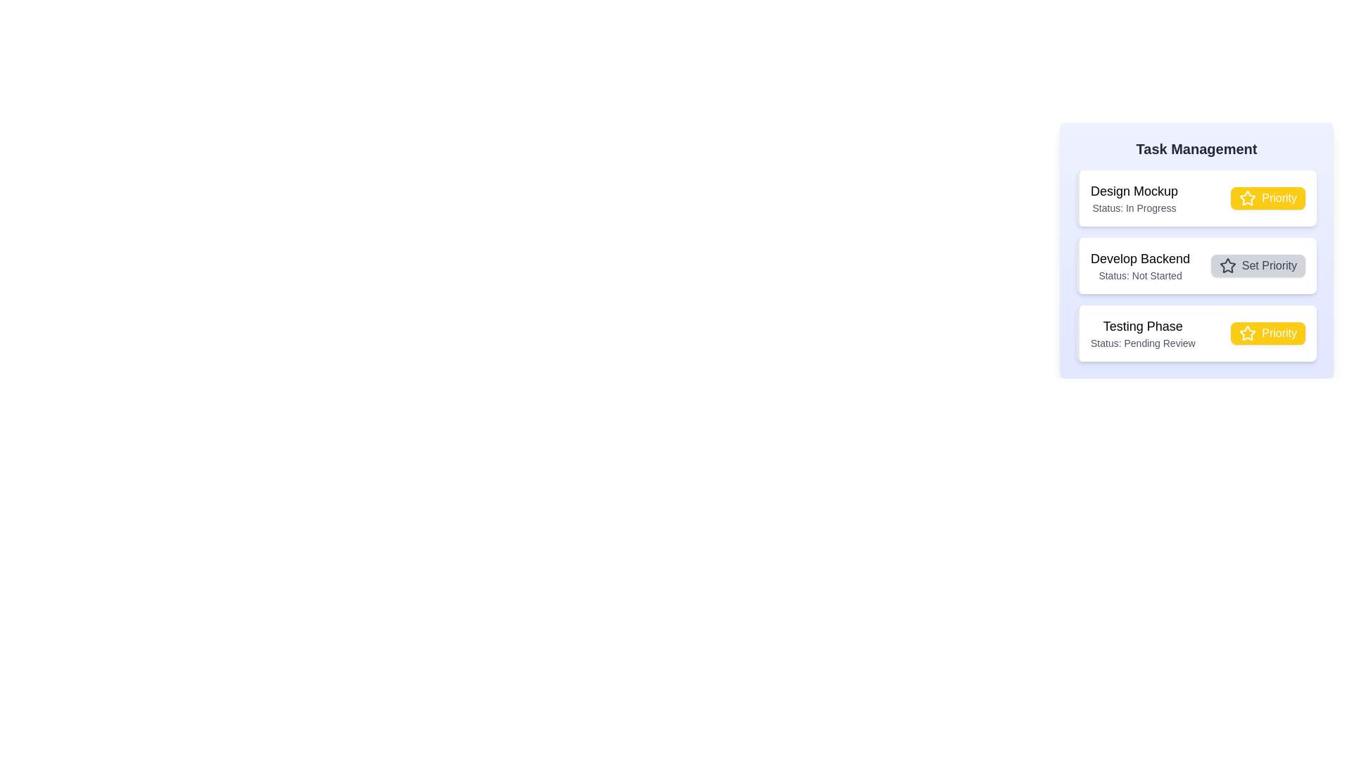 The image size is (1352, 760). What do you see at coordinates (1134, 191) in the screenshot?
I see `the task titled Design Mockup` at bounding box center [1134, 191].